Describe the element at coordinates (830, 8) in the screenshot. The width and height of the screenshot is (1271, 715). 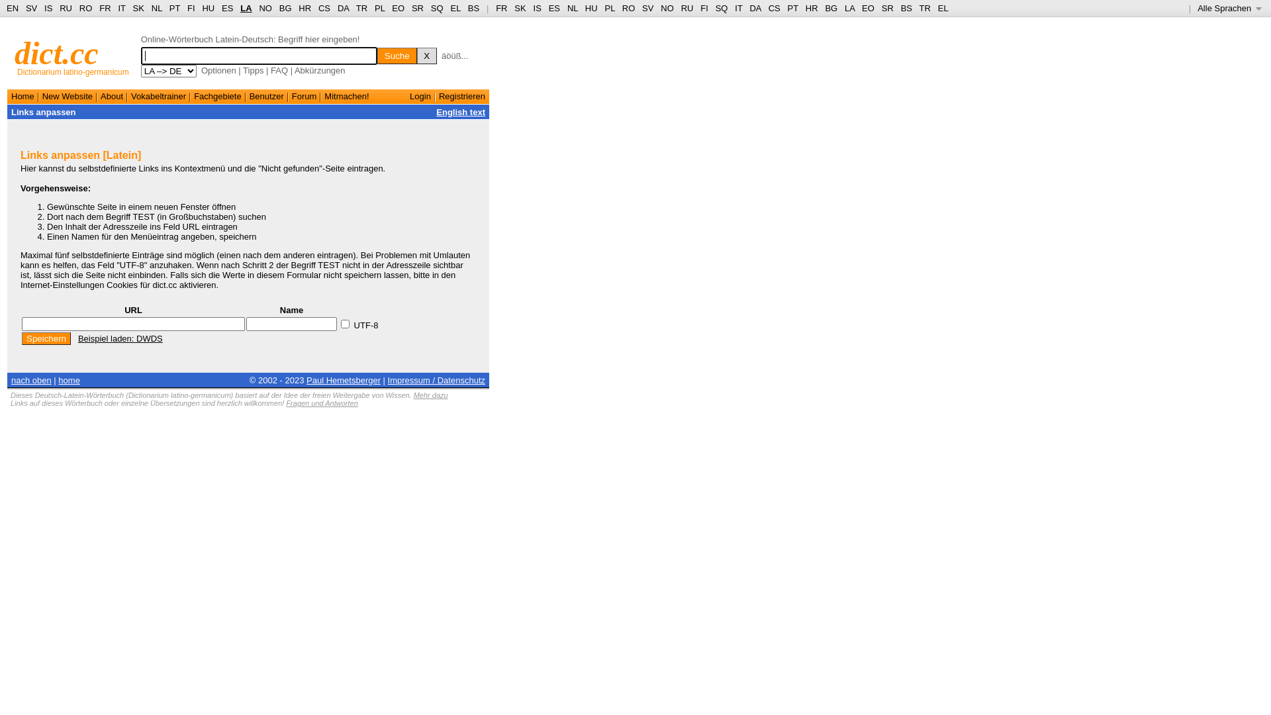
I see `'BG'` at that location.